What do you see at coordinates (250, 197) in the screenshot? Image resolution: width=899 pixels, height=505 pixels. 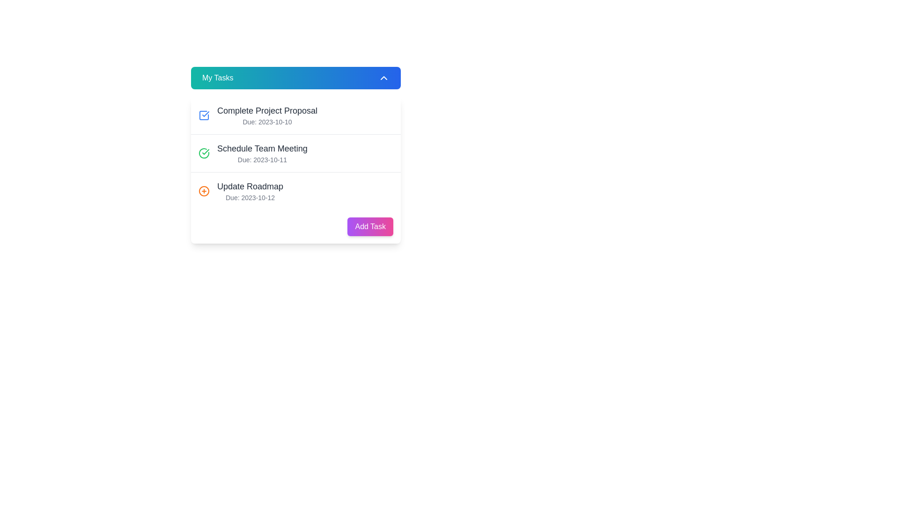 I see `the text label displaying 'Due: 2023-10-12', located beneath 'Update Roadmap' in the task list 'My Tasks'` at bounding box center [250, 197].